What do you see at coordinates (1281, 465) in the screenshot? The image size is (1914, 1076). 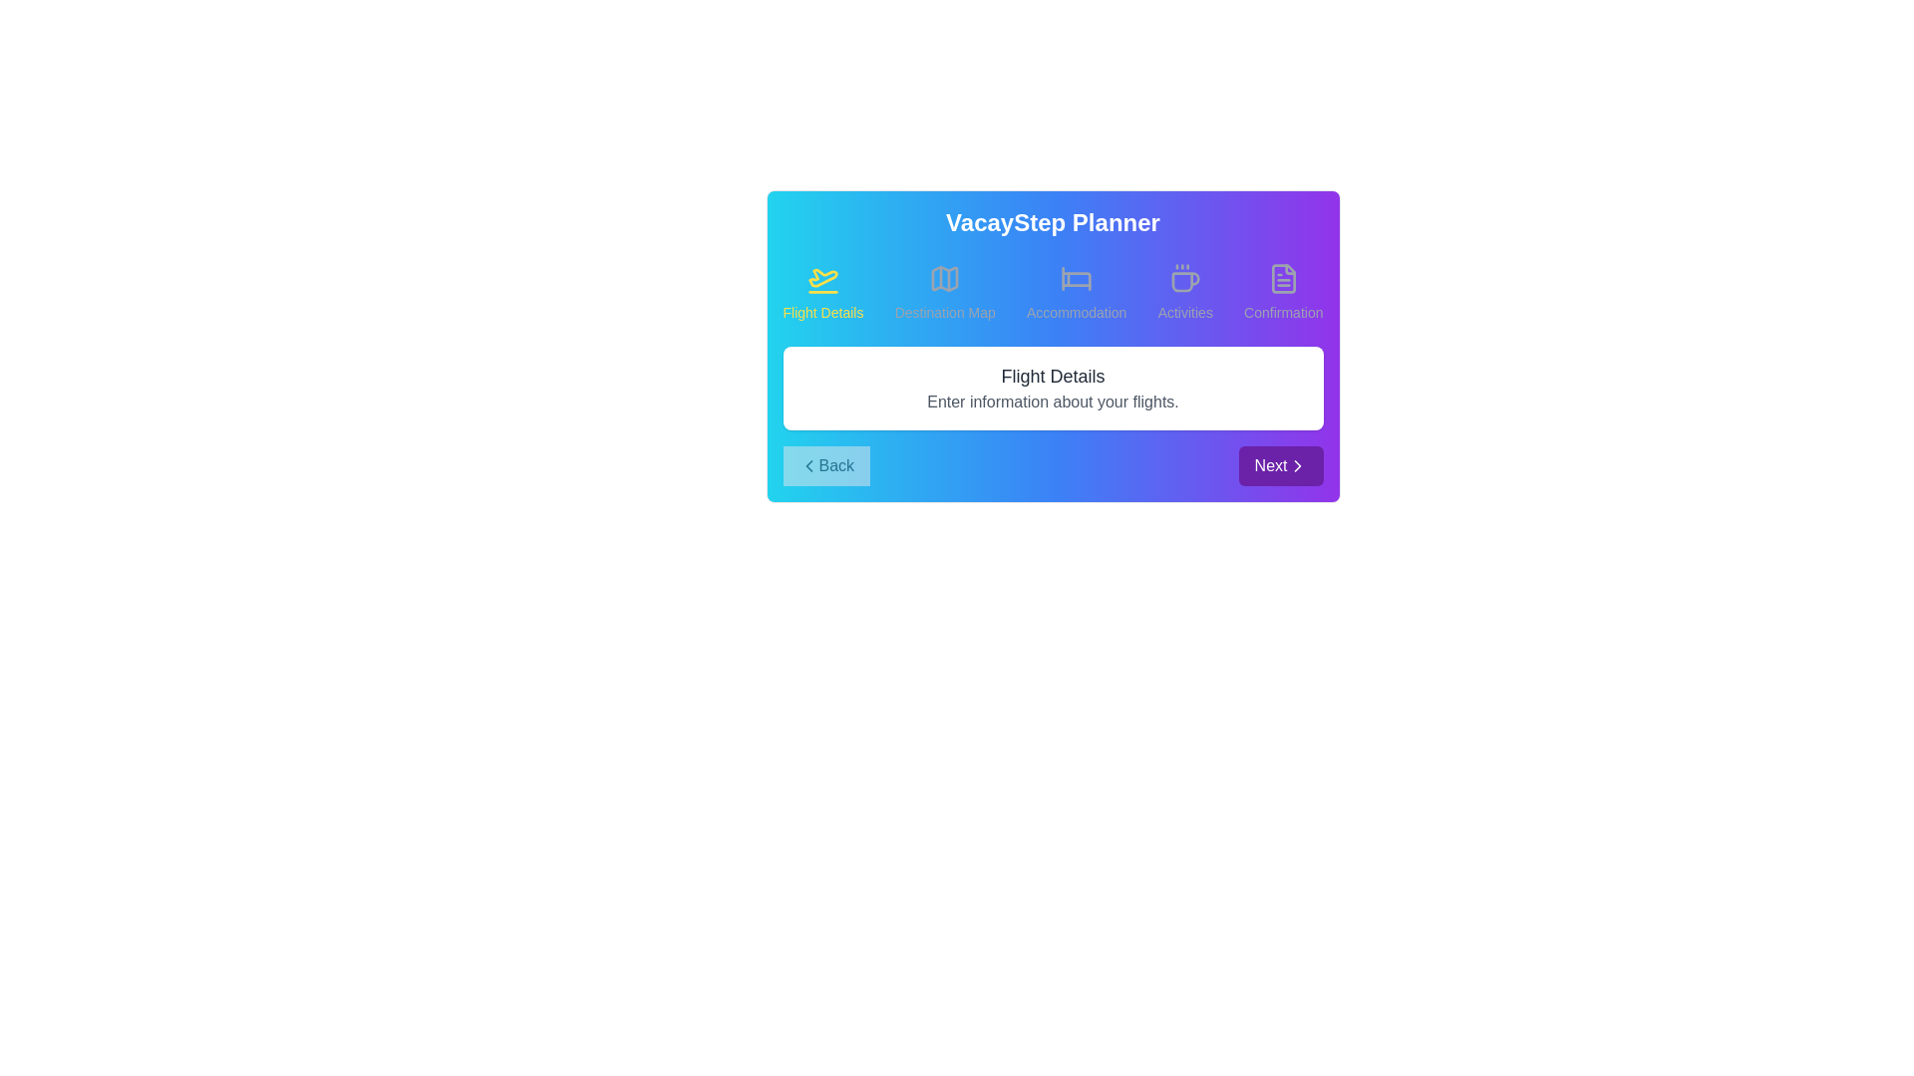 I see `the Next button to navigate` at bounding box center [1281, 465].